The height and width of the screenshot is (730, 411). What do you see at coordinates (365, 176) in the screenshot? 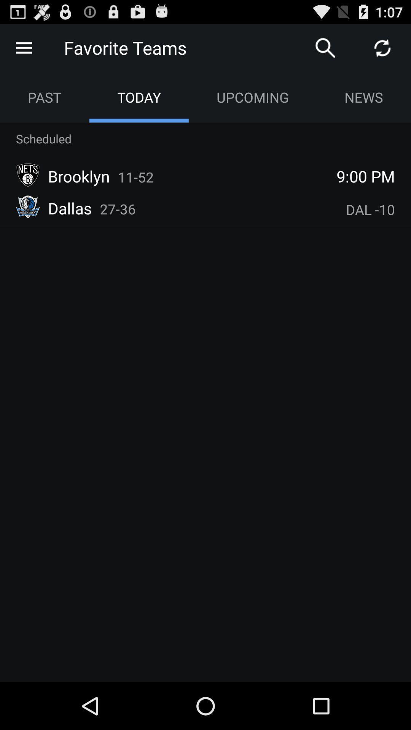
I see `the 9:00 pm icon` at bounding box center [365, 176].